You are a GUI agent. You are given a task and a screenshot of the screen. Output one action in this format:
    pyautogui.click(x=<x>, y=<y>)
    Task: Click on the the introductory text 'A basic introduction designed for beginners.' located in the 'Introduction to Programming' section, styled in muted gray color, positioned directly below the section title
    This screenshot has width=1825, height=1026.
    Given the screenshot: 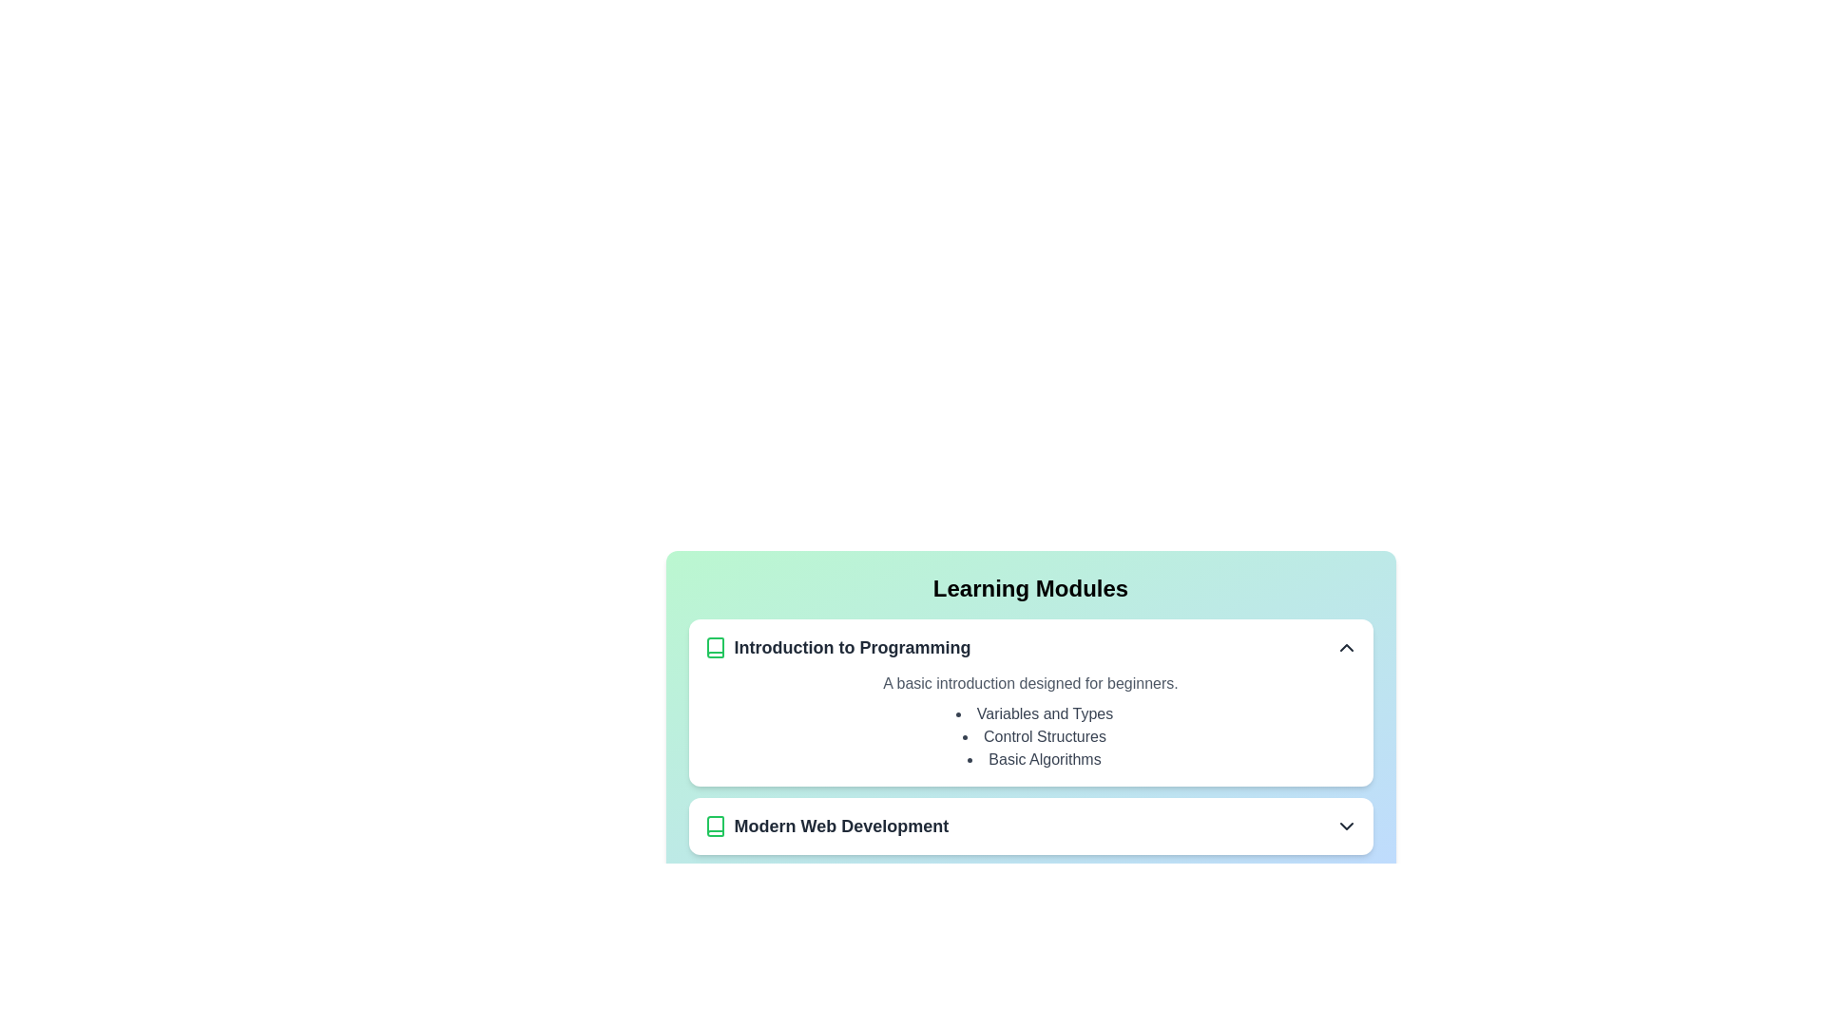 What is the action you would take?
    pyautogui.click(x=1029, y=684)
    